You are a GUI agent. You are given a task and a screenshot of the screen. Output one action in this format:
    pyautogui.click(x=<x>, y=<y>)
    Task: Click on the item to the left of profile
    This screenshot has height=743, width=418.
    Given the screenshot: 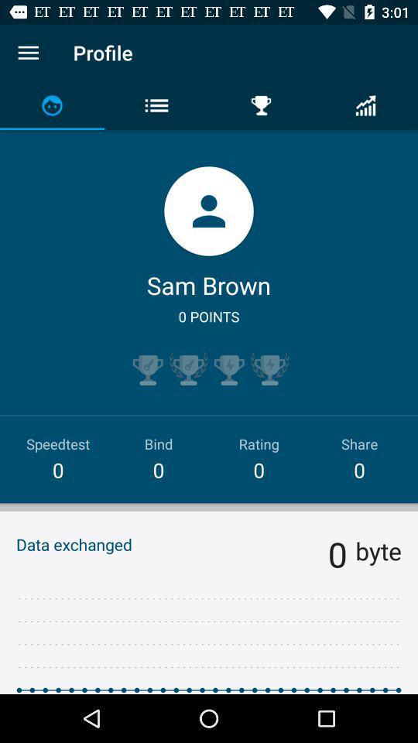 What is the action you would take?
    pyautogui.click(x=28, y=53)
    